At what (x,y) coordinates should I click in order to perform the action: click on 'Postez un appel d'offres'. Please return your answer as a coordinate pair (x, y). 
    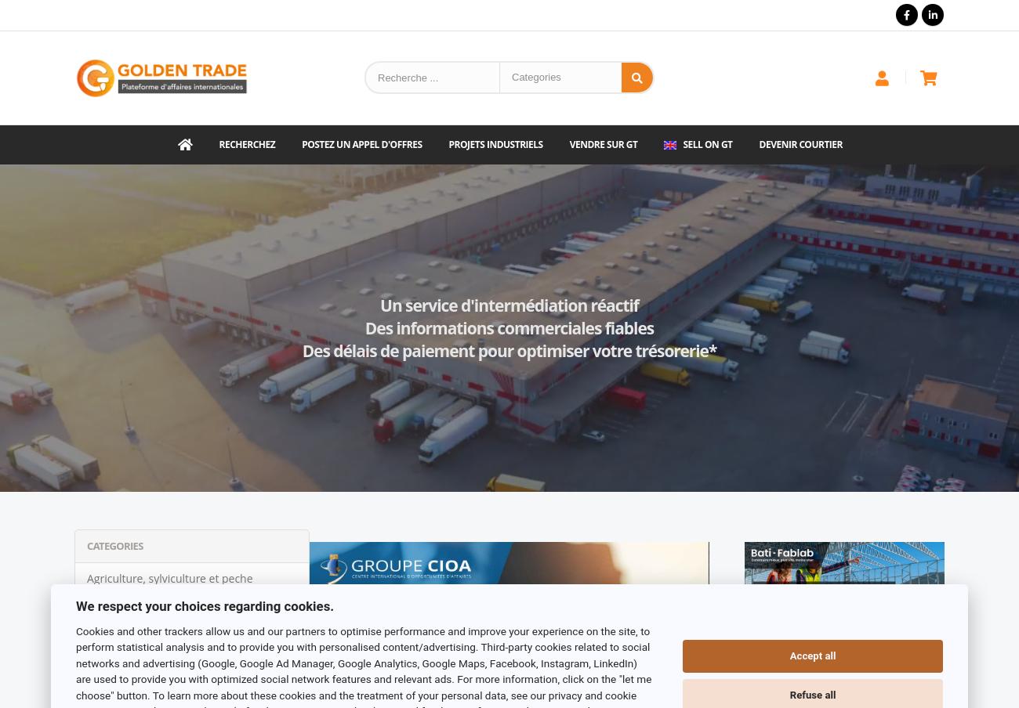
    Looking at the image, I should click on (302, 144).